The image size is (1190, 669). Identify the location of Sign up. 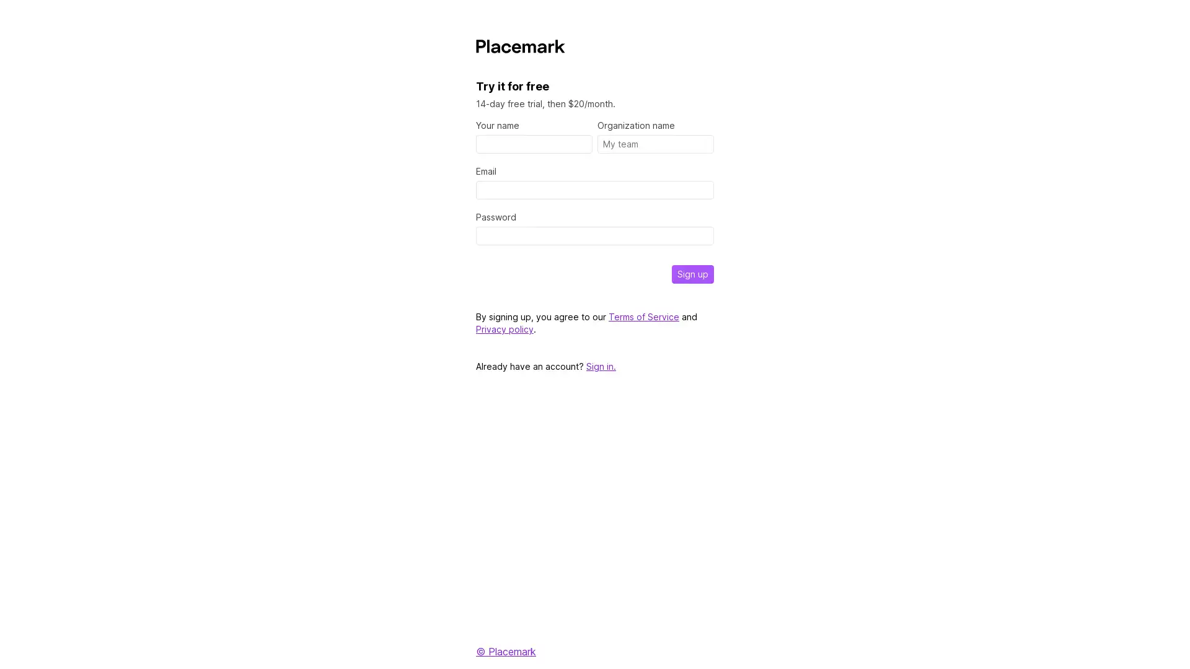
(692, 274).